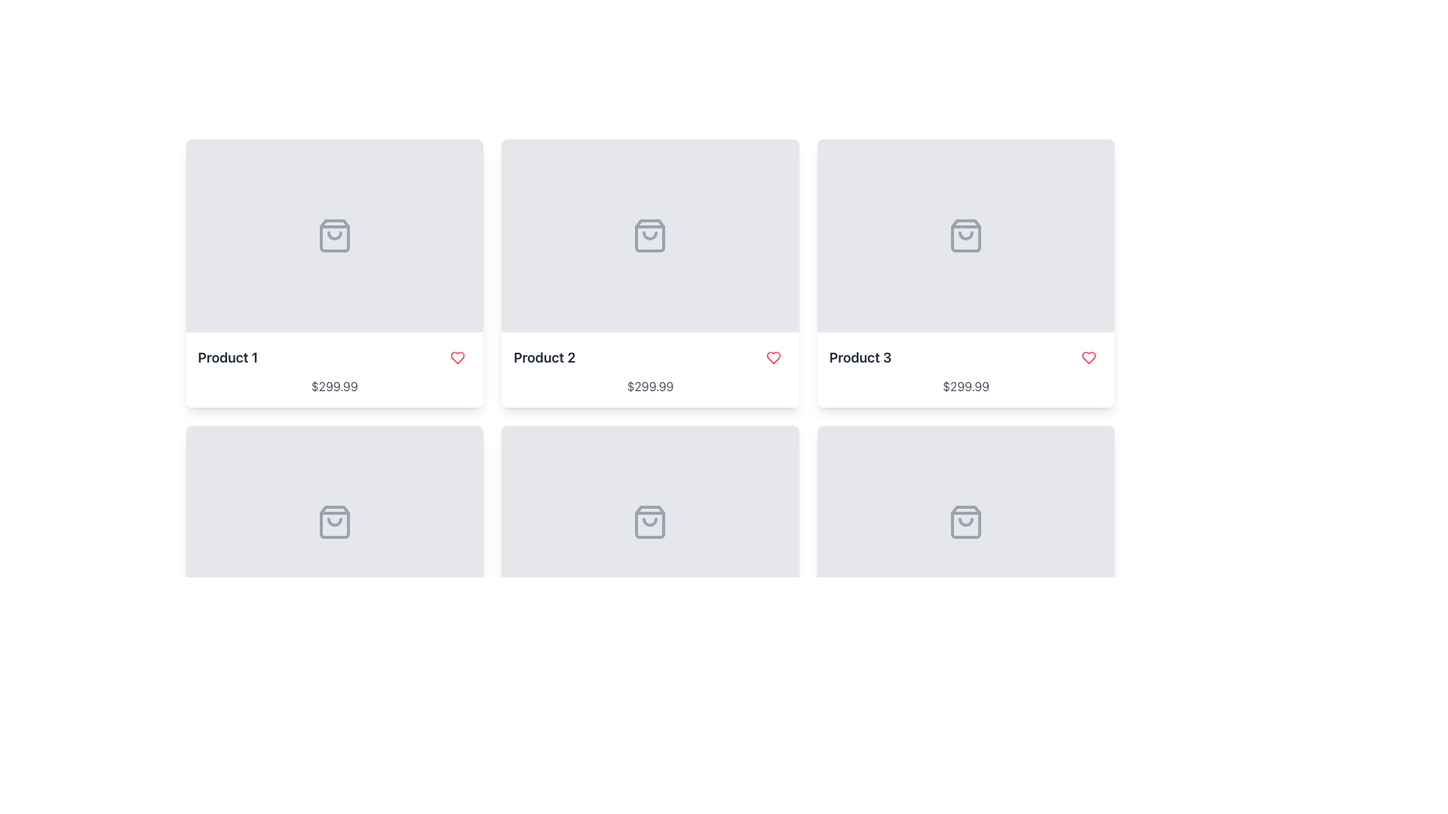 This screenshot has width=1448, height=814. I want to click on the heart icon button located in the card interface of the third product in the top row, so click(1089, 357).